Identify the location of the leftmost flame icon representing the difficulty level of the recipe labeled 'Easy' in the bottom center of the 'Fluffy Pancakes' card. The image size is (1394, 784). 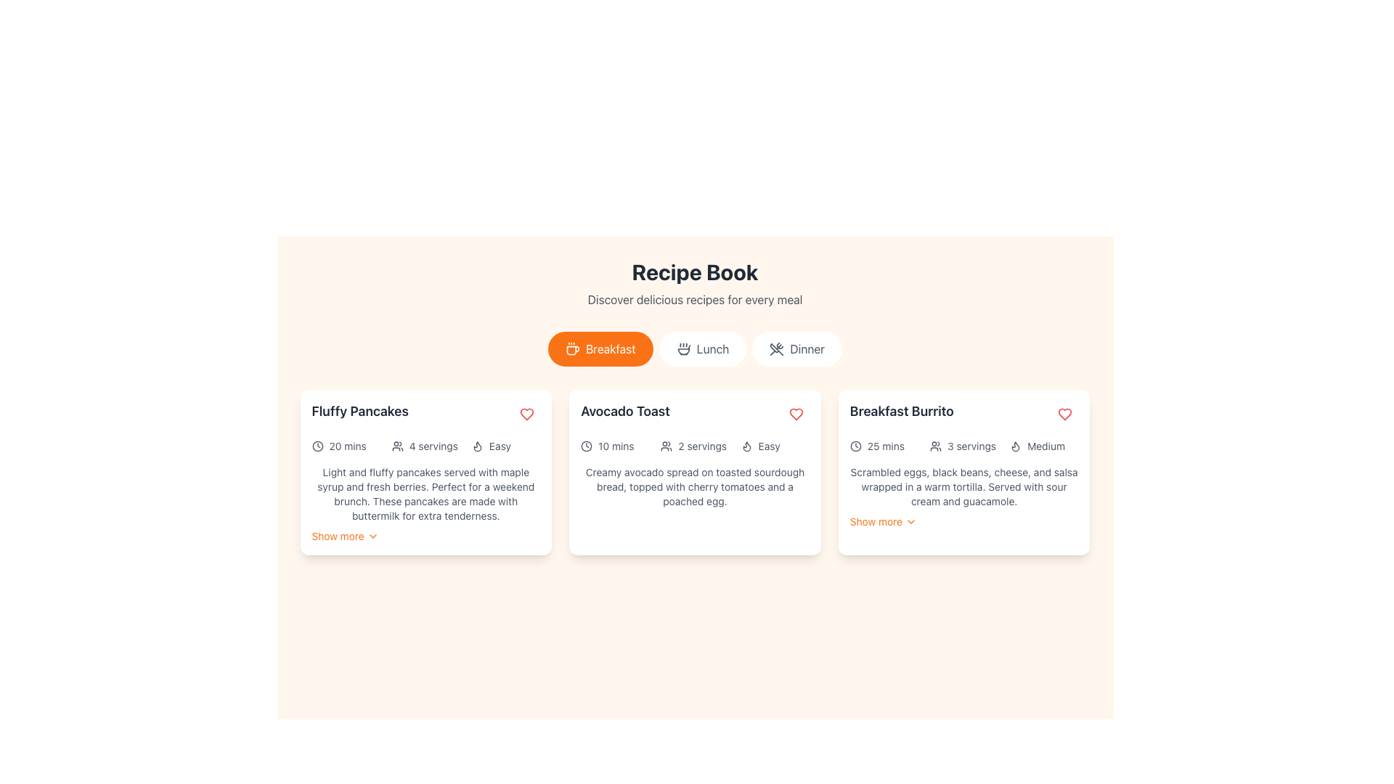
(477, 445).